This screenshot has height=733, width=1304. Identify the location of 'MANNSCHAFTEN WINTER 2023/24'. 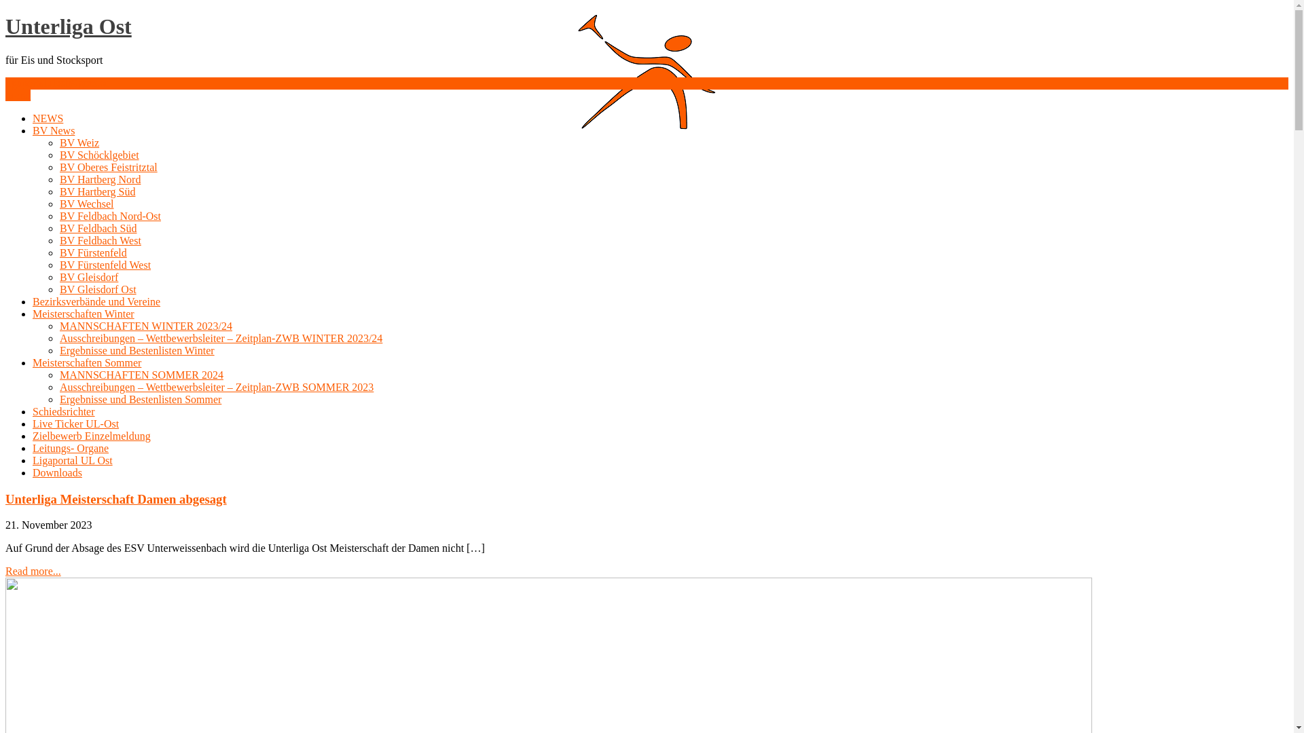
(58, 326).